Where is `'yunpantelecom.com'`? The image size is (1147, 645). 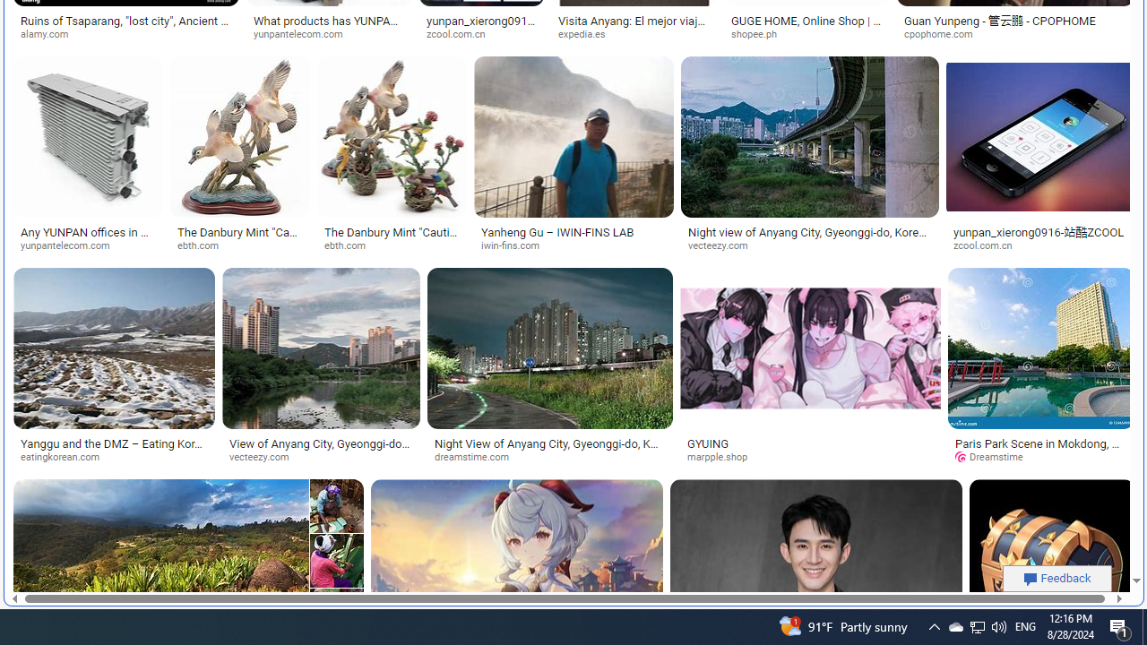 'yunpantelecom.com' is located at coordinates (87, 246).